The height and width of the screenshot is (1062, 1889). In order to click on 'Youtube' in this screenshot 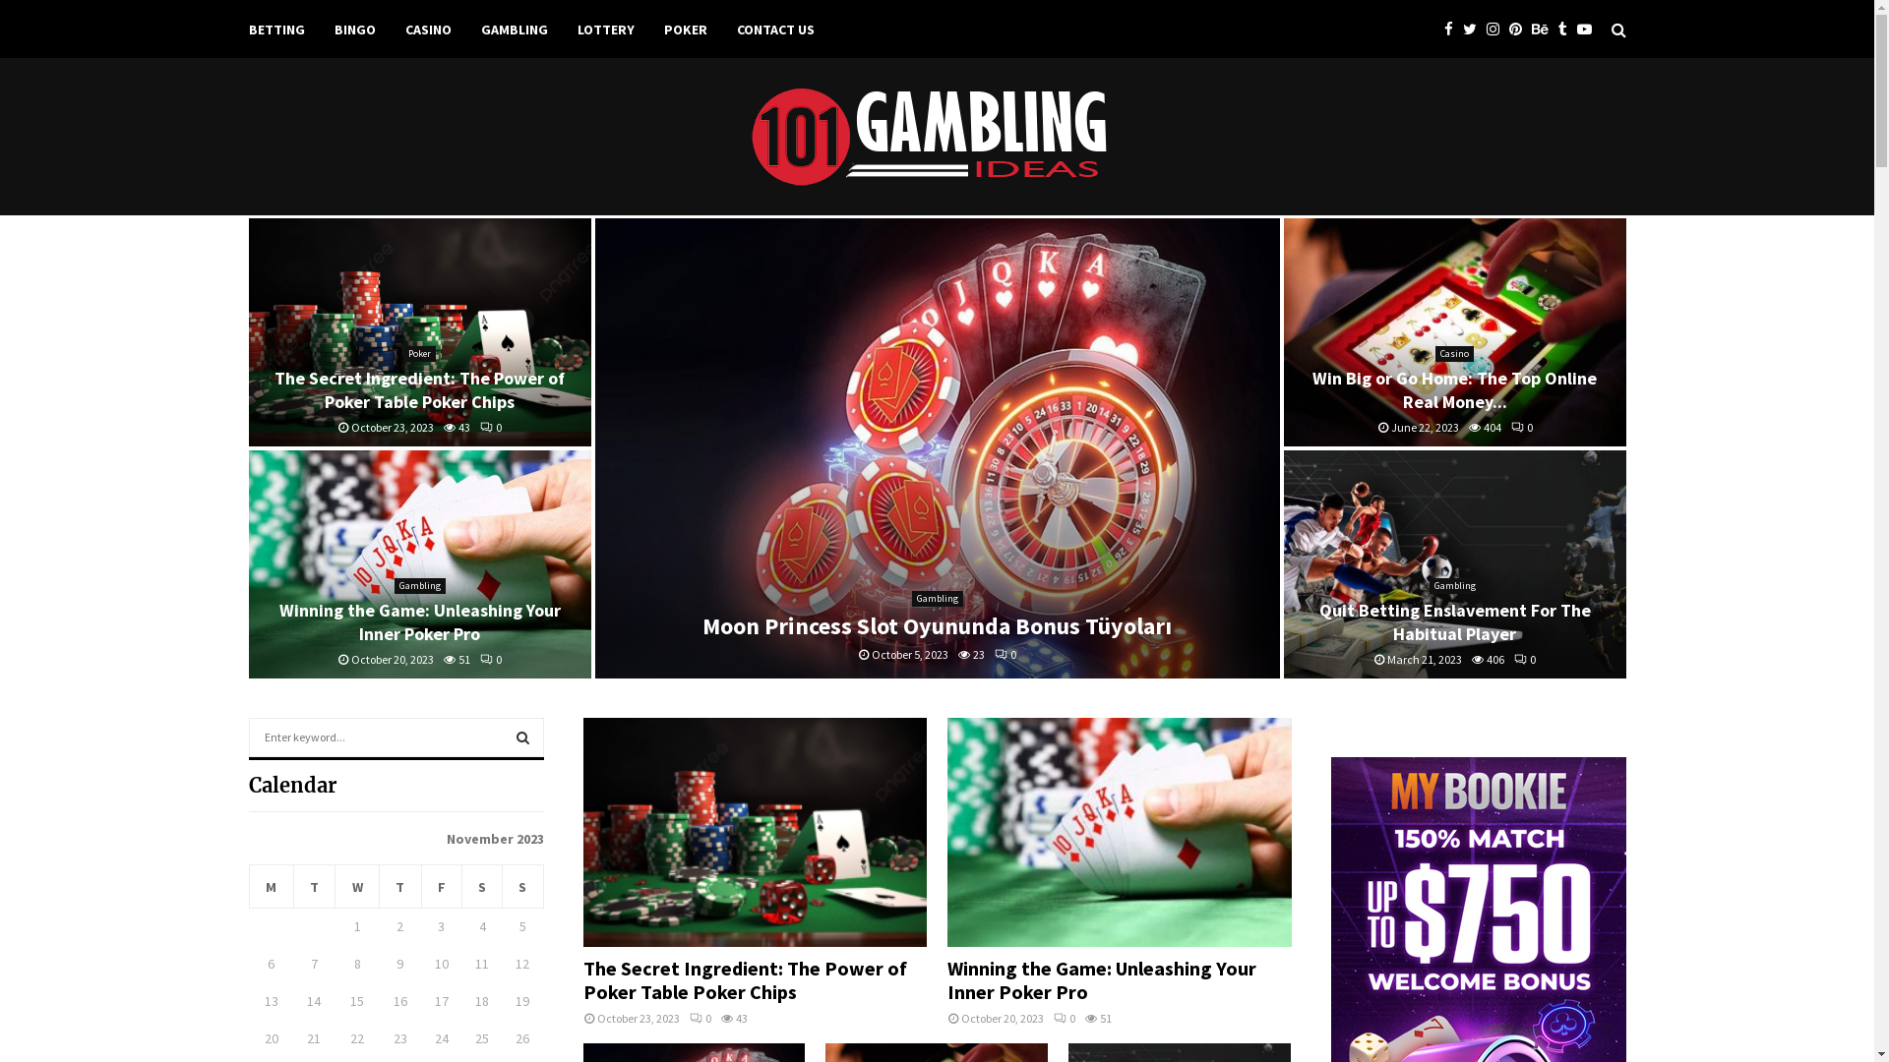, I will do `click(1588, 29)`.